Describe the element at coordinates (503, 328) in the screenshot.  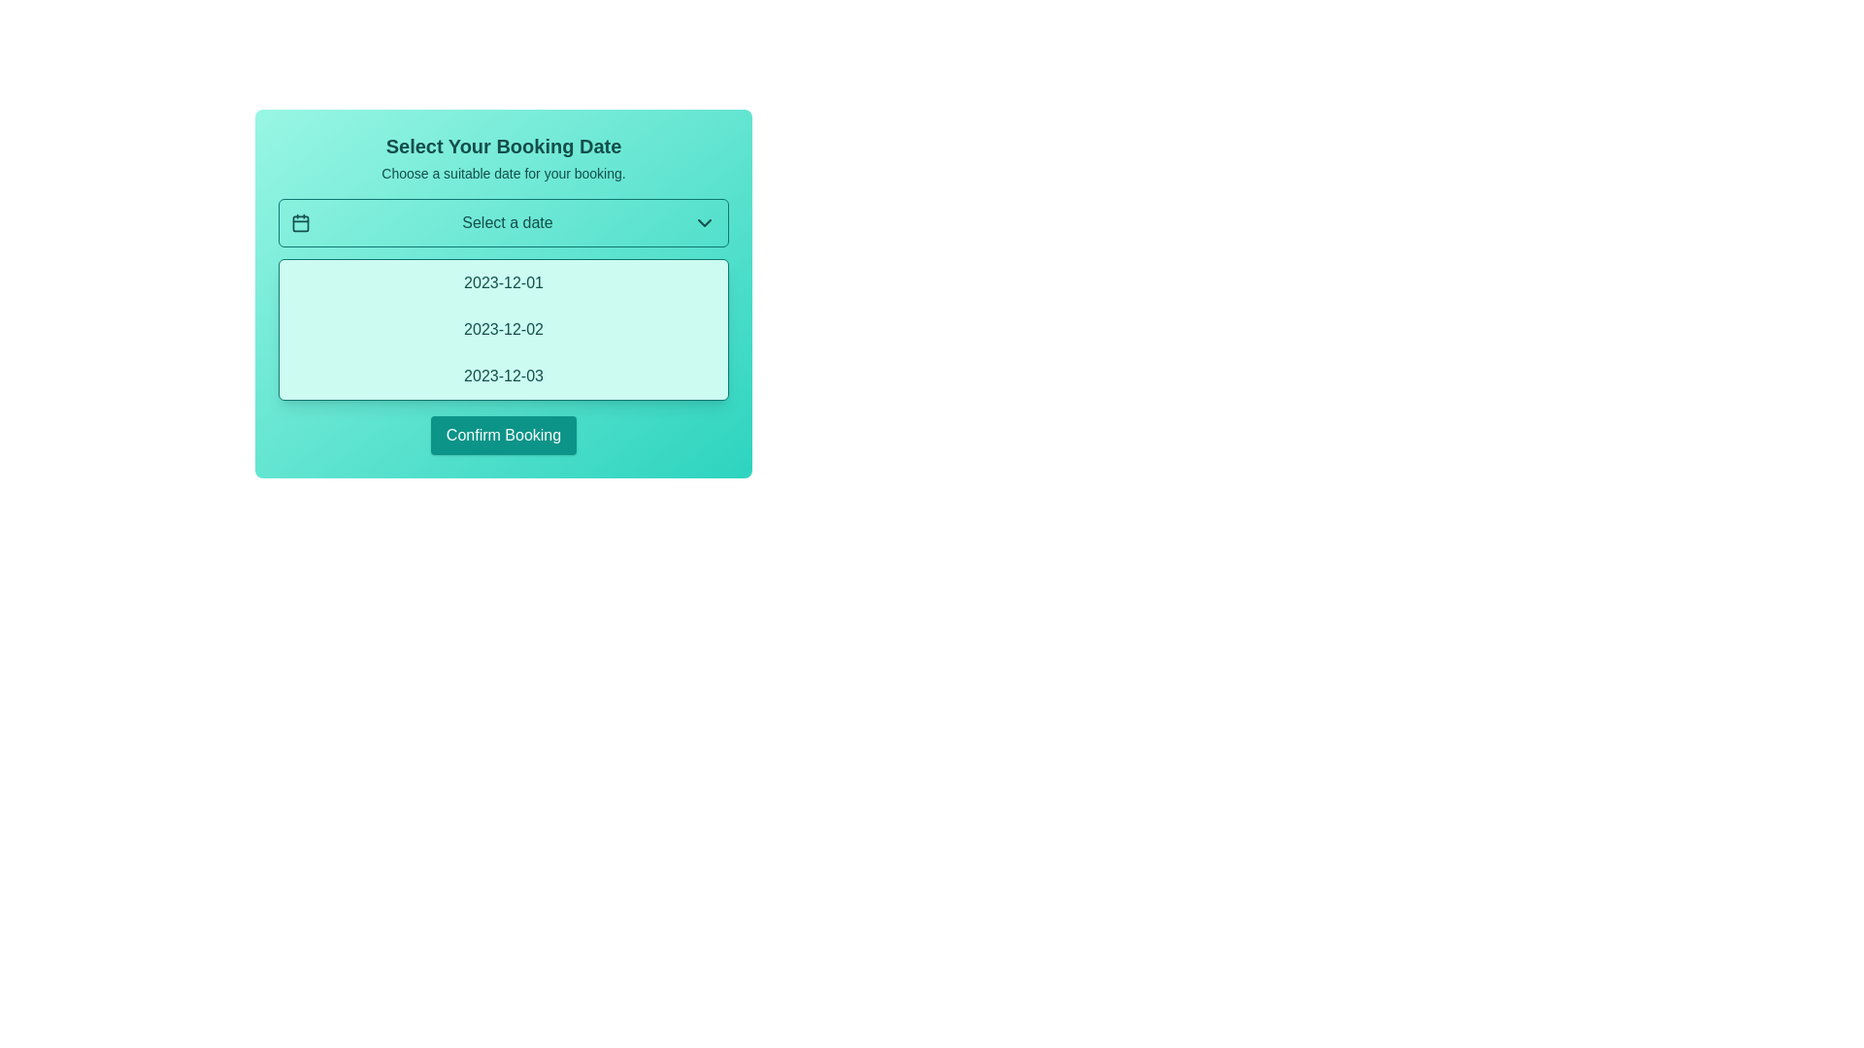
I see `the selectable date option '2023-12-02' in the dropdown menu to change its background color` at that location.